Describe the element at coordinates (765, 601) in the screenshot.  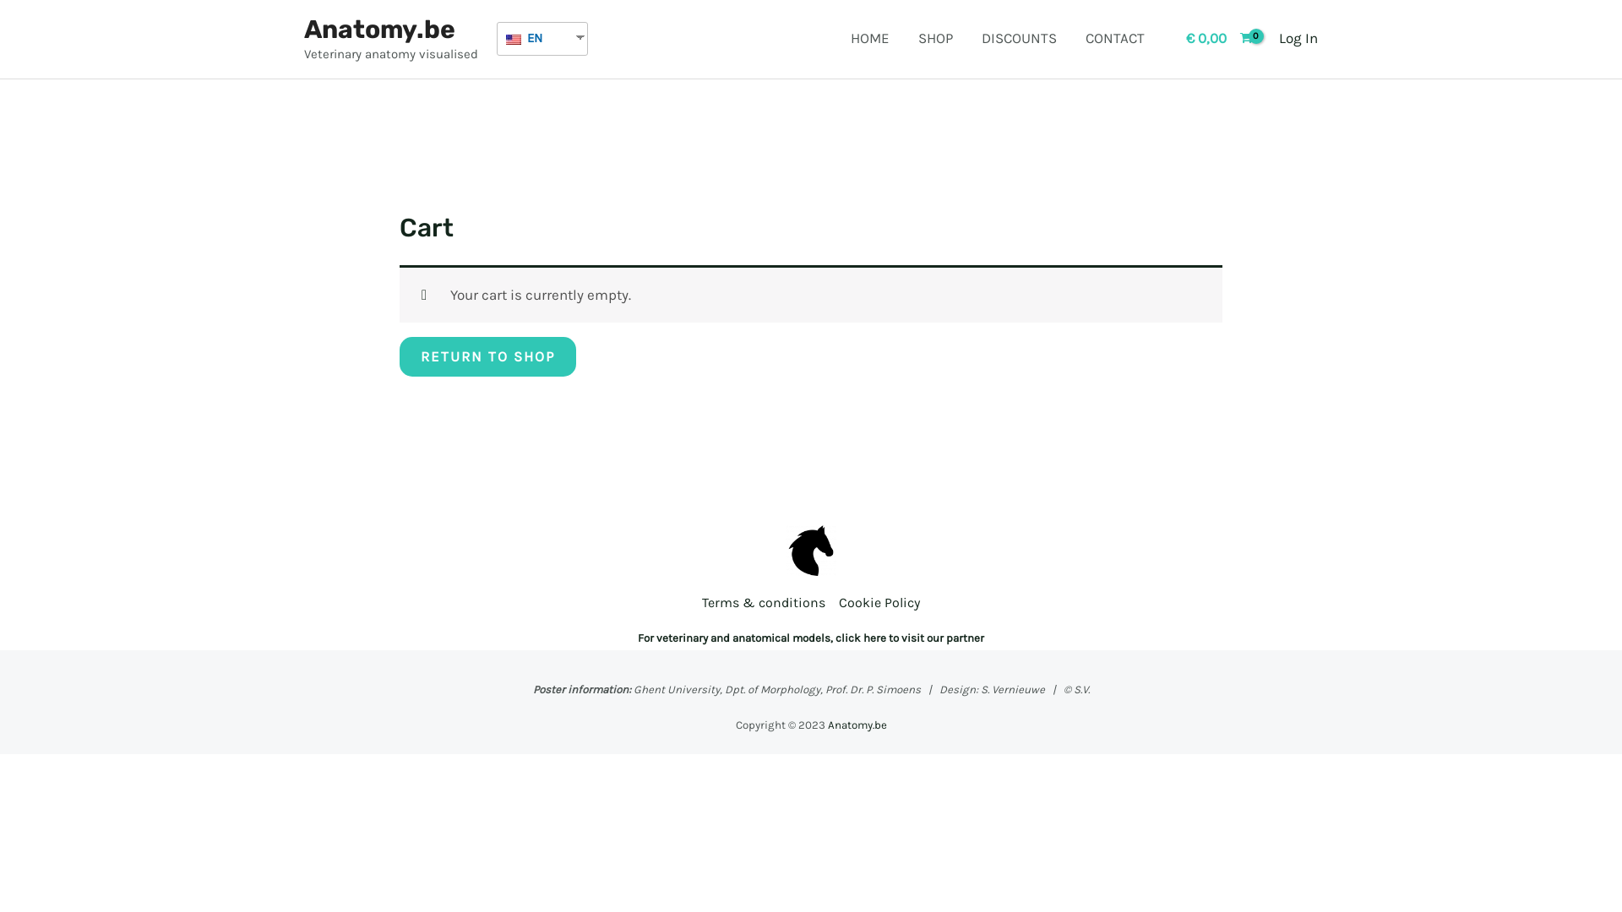
I see `'Terms & conditions'` at that location.